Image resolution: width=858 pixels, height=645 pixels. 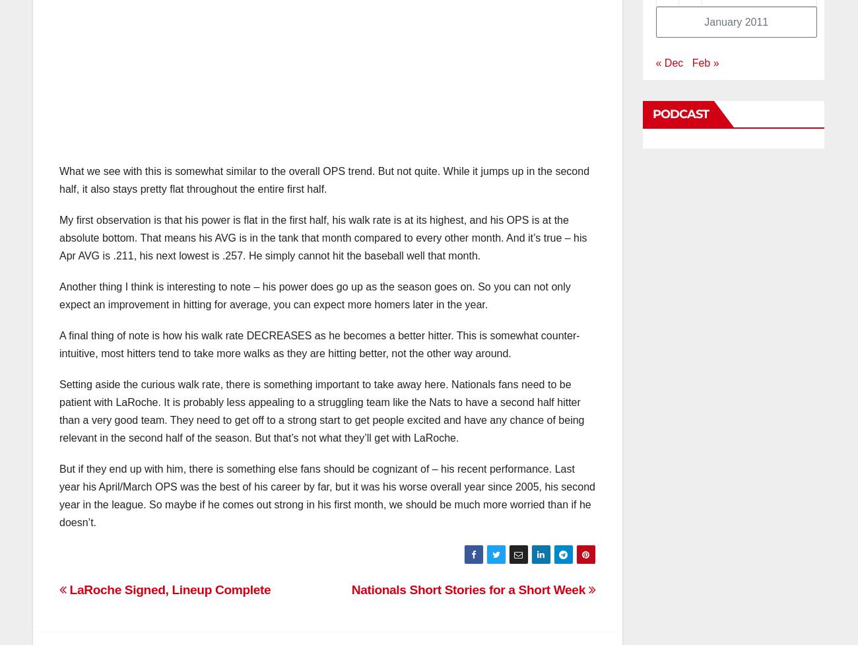 I want to click on 'January 2011', so click(x=735, y=22).